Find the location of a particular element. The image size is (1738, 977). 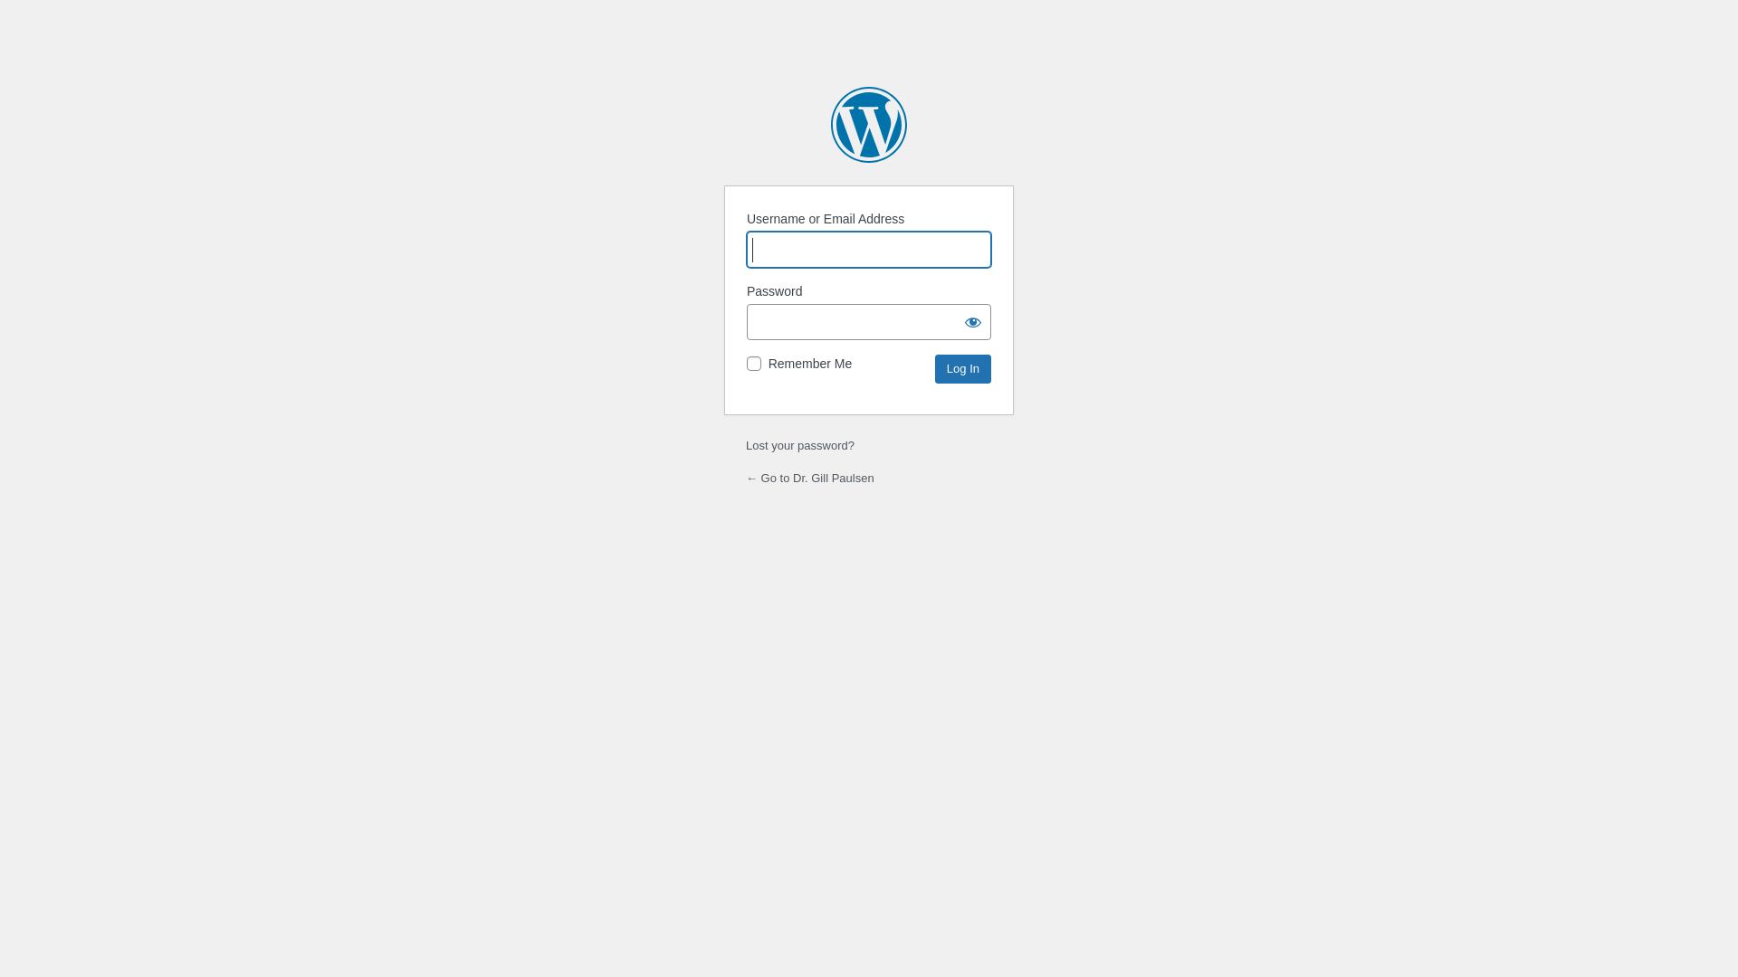

'Powered by WordPress' is located at coordinates (869, 124).